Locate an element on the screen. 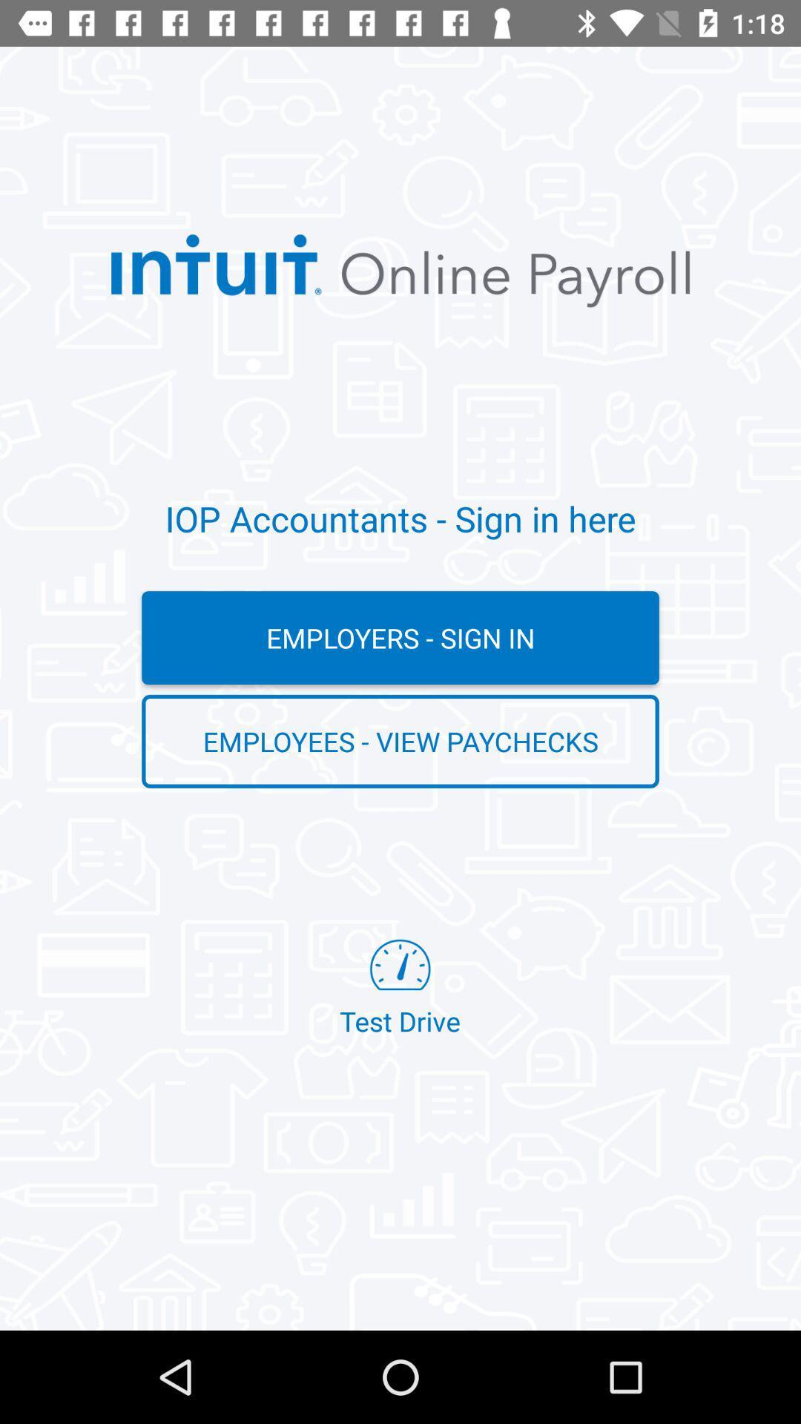 The width and height of the screenshot is (801, 1424). employees - view paychecks item is located at coordinates (400, 741).